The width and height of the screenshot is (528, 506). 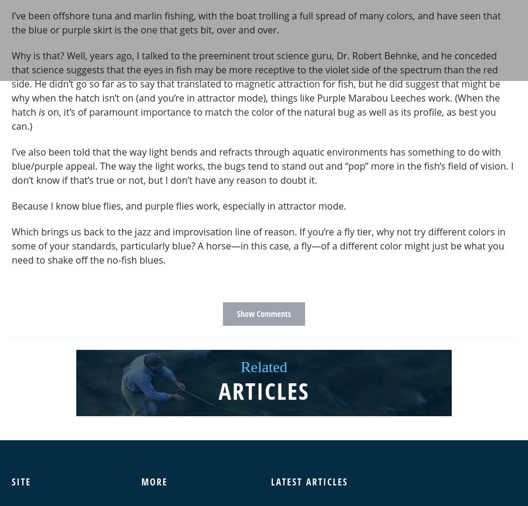 What do you see at coordinates (263, 313) in the screenshot?
I see `'Show Comments'` at bounding box center [263, 313].